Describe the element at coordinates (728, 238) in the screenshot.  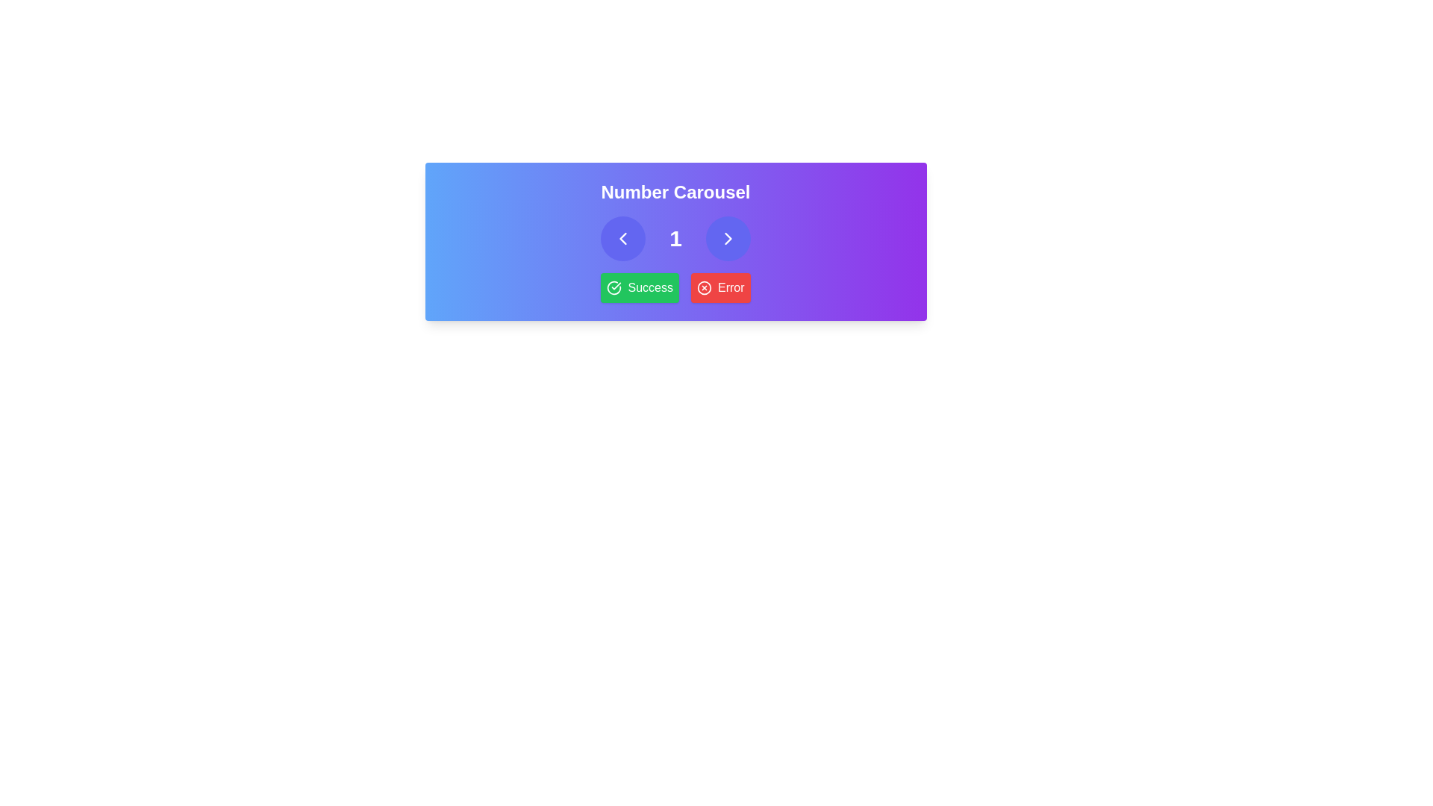
I see `the right-facing chevron arrow SVG icon, which is located within a circular button with a blue background` at that location.